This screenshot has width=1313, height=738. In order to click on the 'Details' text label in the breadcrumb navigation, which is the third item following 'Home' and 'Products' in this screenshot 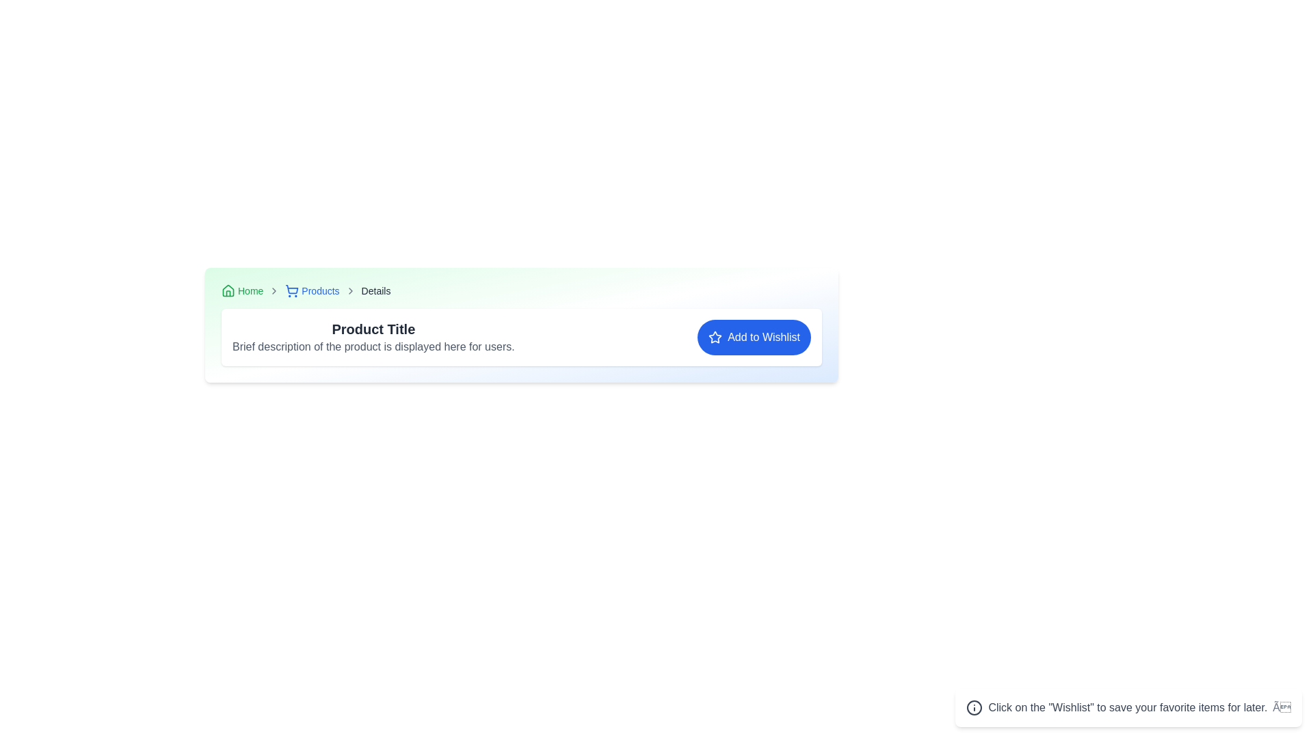, I will do `click(376, 290)`.